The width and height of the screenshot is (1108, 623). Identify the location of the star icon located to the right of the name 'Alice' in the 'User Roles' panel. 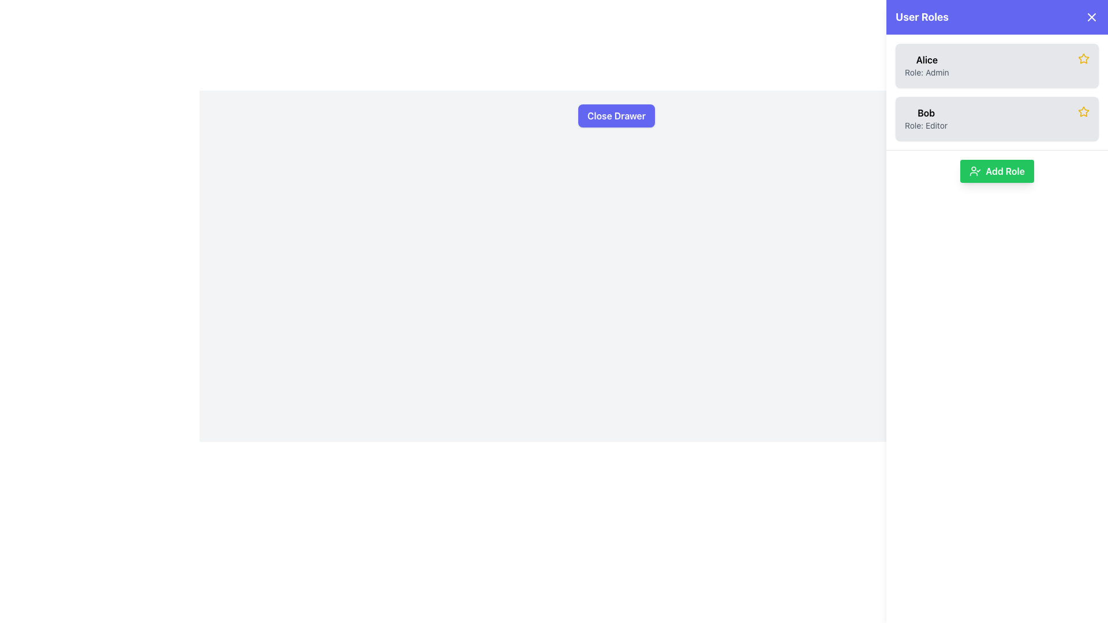
(1082, 111).